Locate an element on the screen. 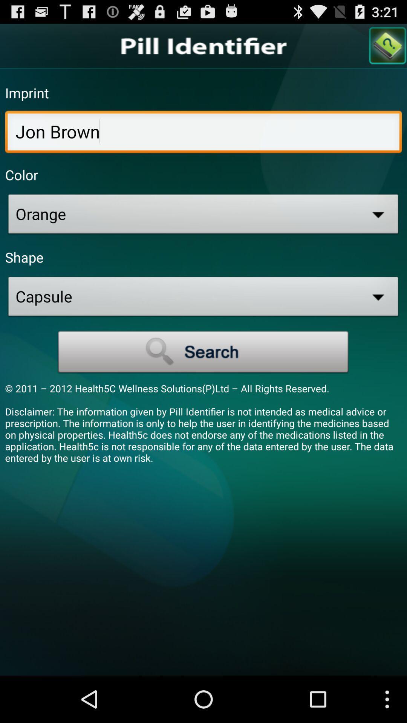 The height and width of the screenshot is (723, 407). search button is located at coordinates (203, 352).